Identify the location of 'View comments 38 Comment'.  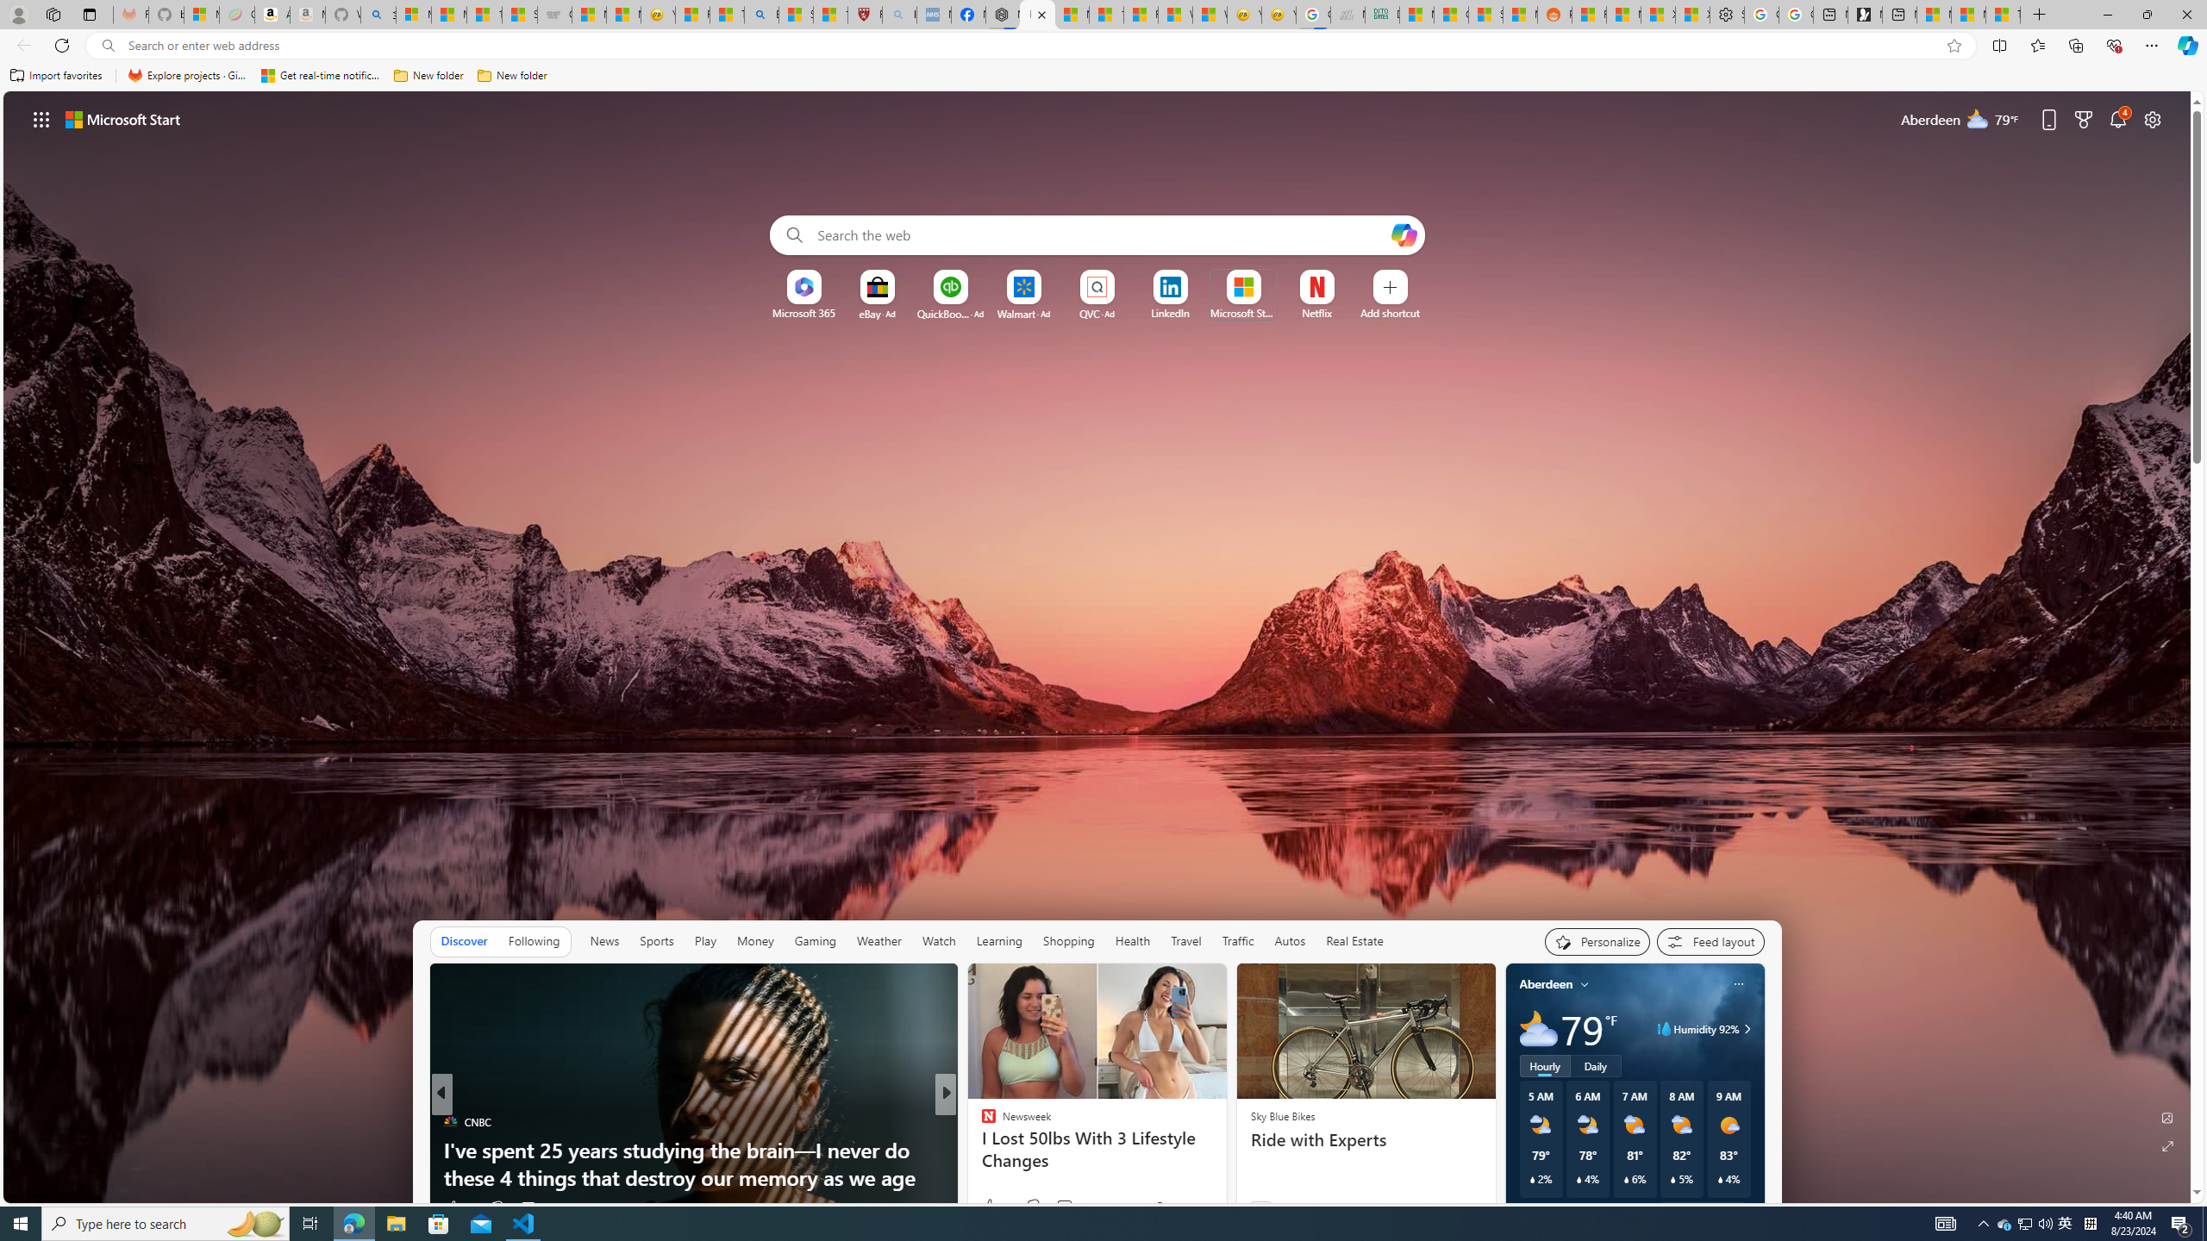
(1072, 1207).